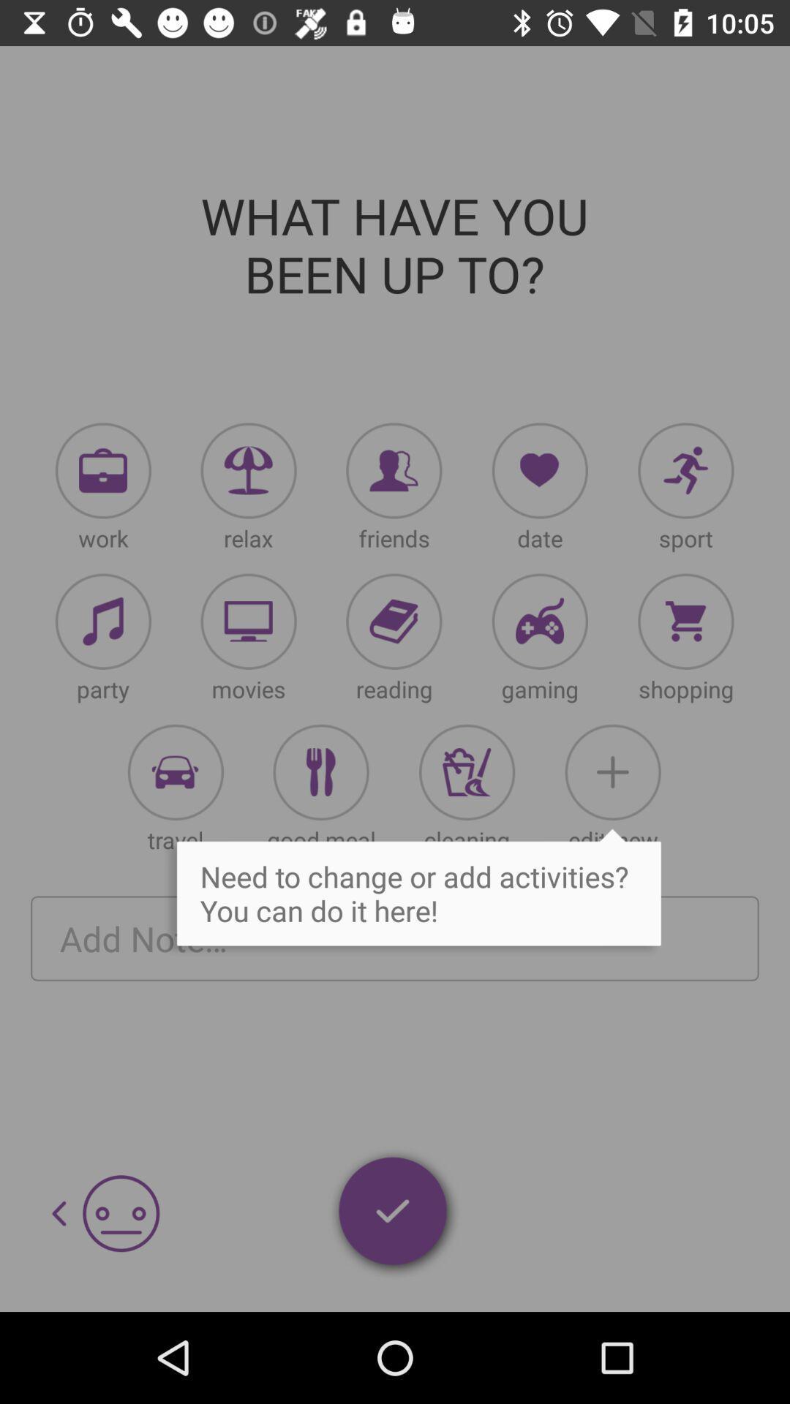 The image size is (790, 1404). I want to click on need activities, so click(685, 470).